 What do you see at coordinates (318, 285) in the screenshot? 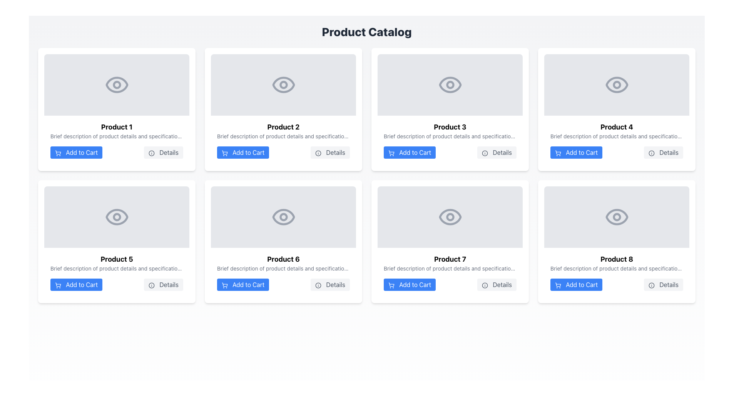
I see `the circle within the information icon located inside the 'Details' button of the 'Product 6' card, which is the second card in the second row of the product grid` at bounding box center [318, 285].